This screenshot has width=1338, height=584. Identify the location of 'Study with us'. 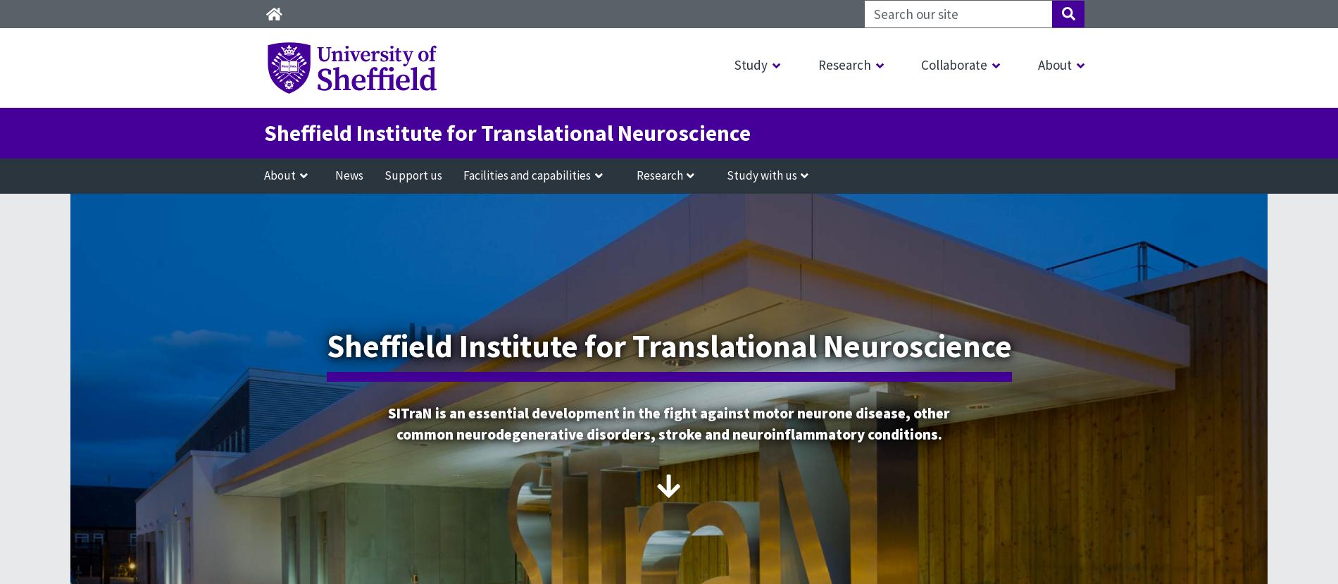
(762, 175).